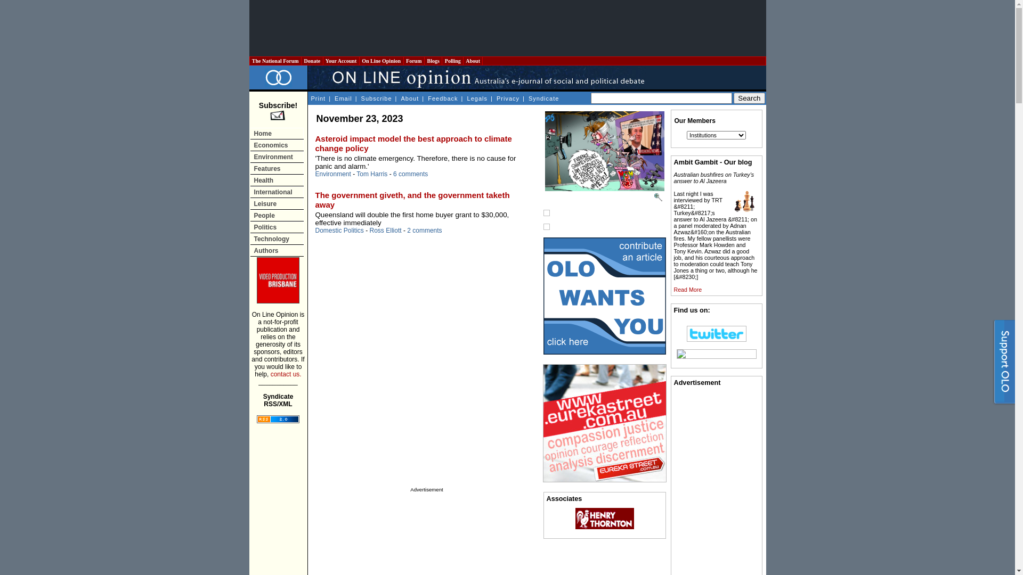 The height and width of the screenshot is (575, 1023). I want to click on 'contact us.', so click(271, 373).